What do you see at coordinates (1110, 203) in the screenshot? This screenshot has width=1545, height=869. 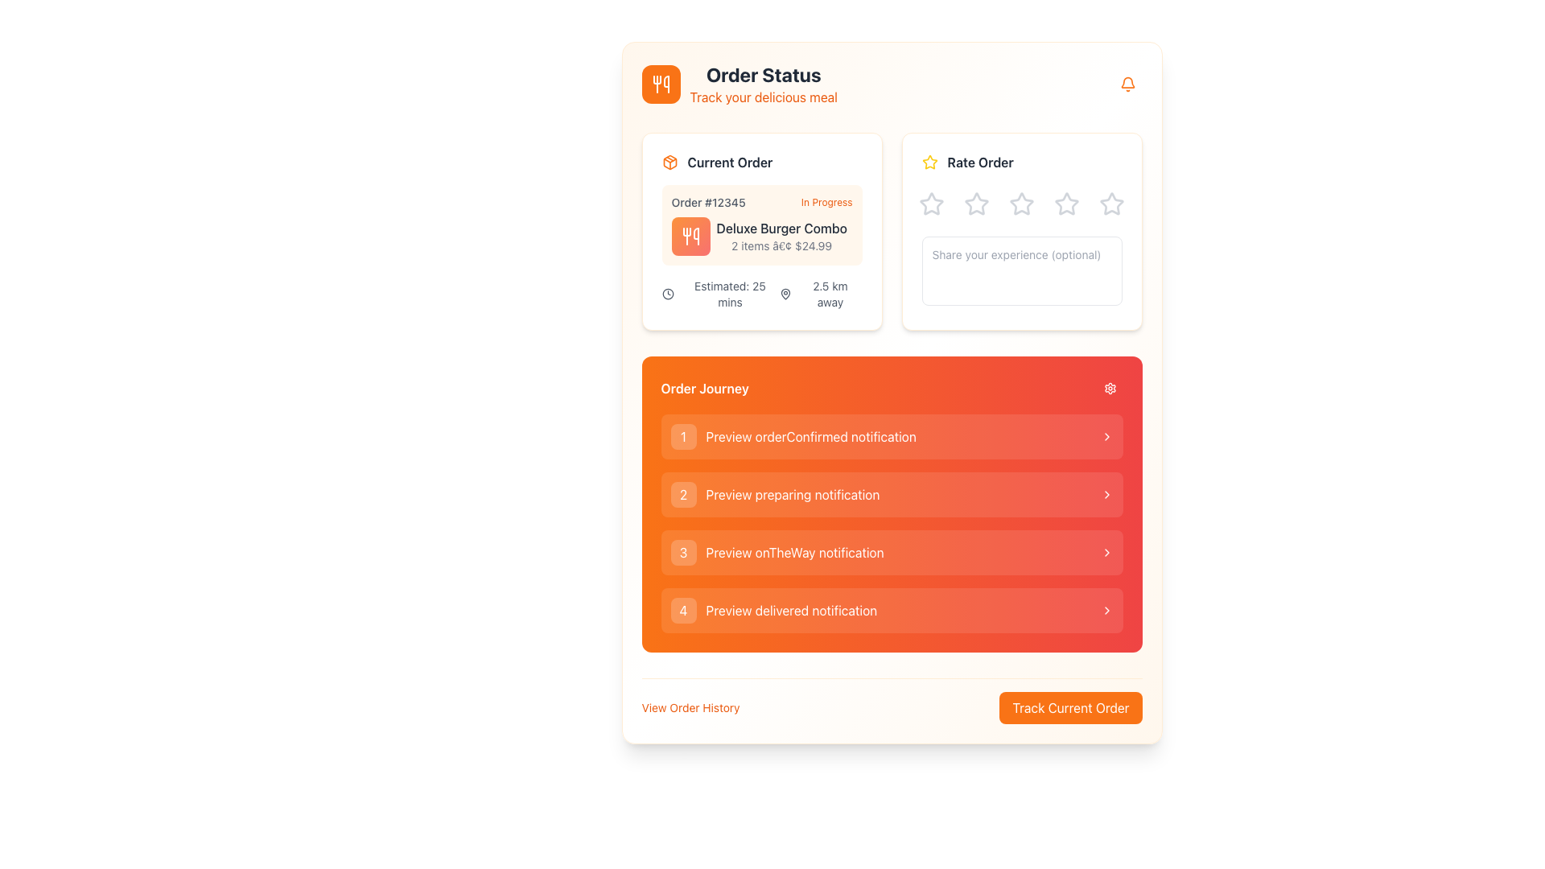 I see `the Rating star icon located at the far right of the horizontal row of five star-shaped icons` at bounding box center [1110, 203].